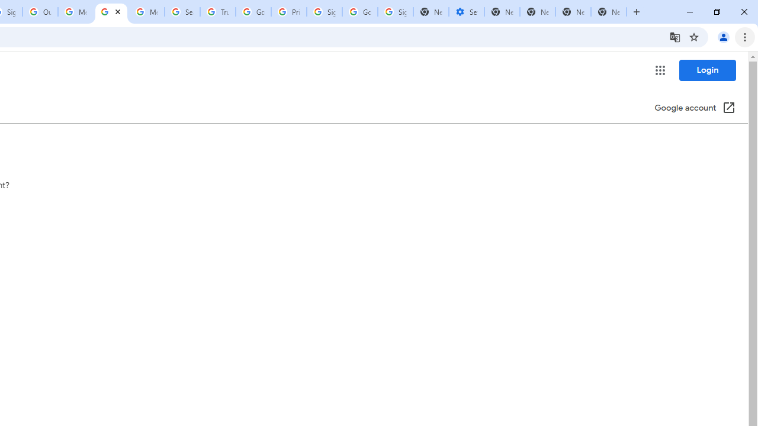 The height and width of the screenshot is (426, 758). What do you see at coordinates (359, 12) in the screenshot?
I see `'Google Cybersecurity Innovations - Google Safety Center'` at bounding box center [359, 12].